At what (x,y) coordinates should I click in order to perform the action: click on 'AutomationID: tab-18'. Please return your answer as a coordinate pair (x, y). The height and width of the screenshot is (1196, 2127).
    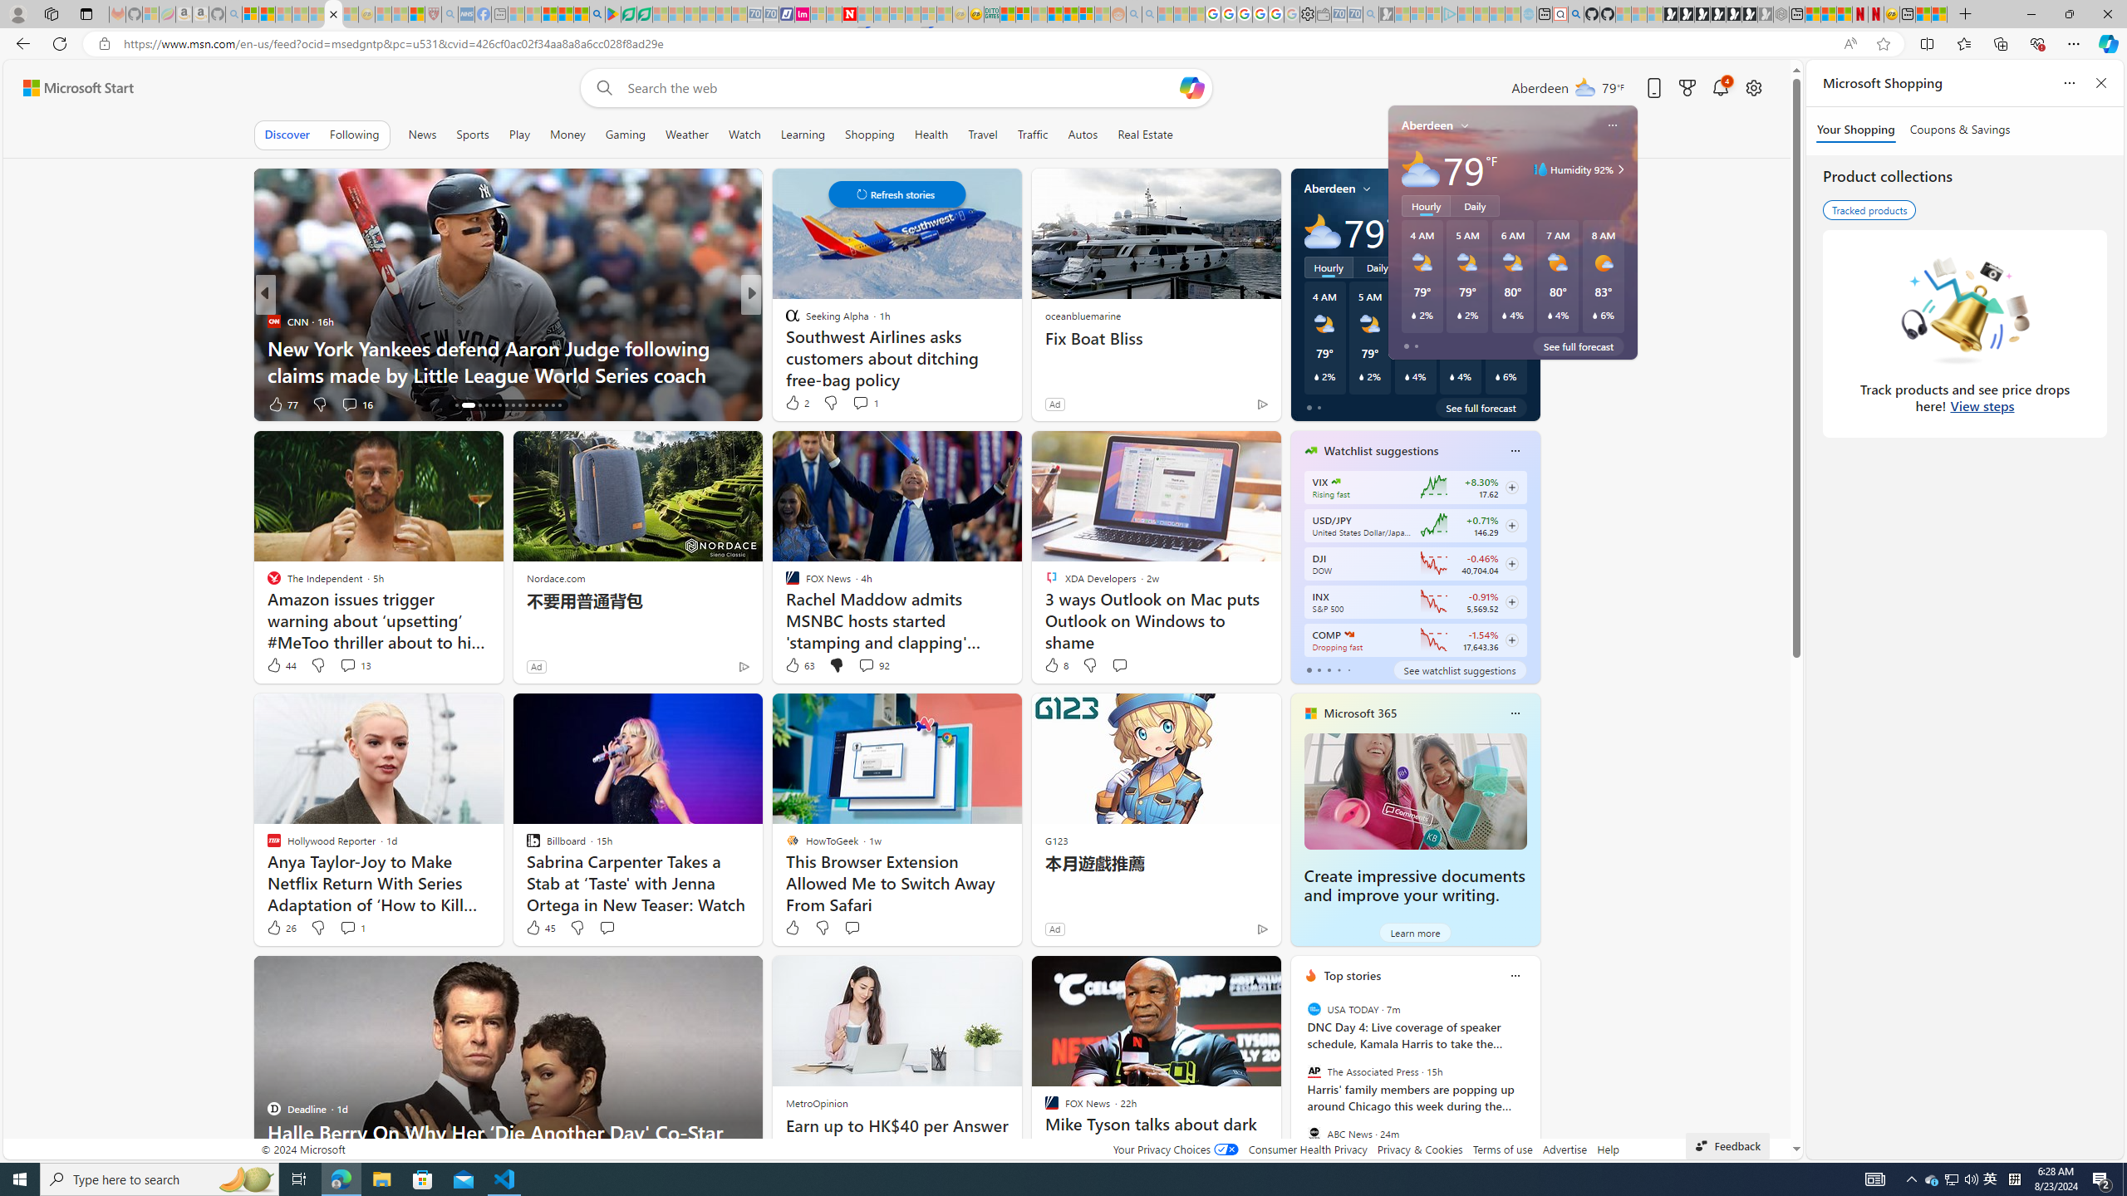
    Looking at the image, I should click on (474, 404).